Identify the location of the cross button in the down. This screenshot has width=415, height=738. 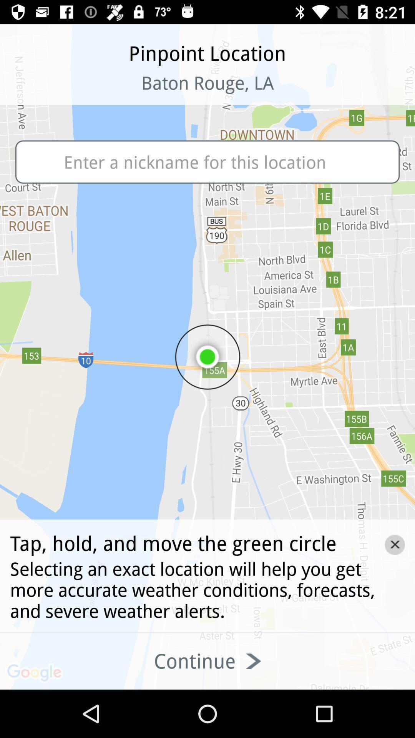
(395, 544).